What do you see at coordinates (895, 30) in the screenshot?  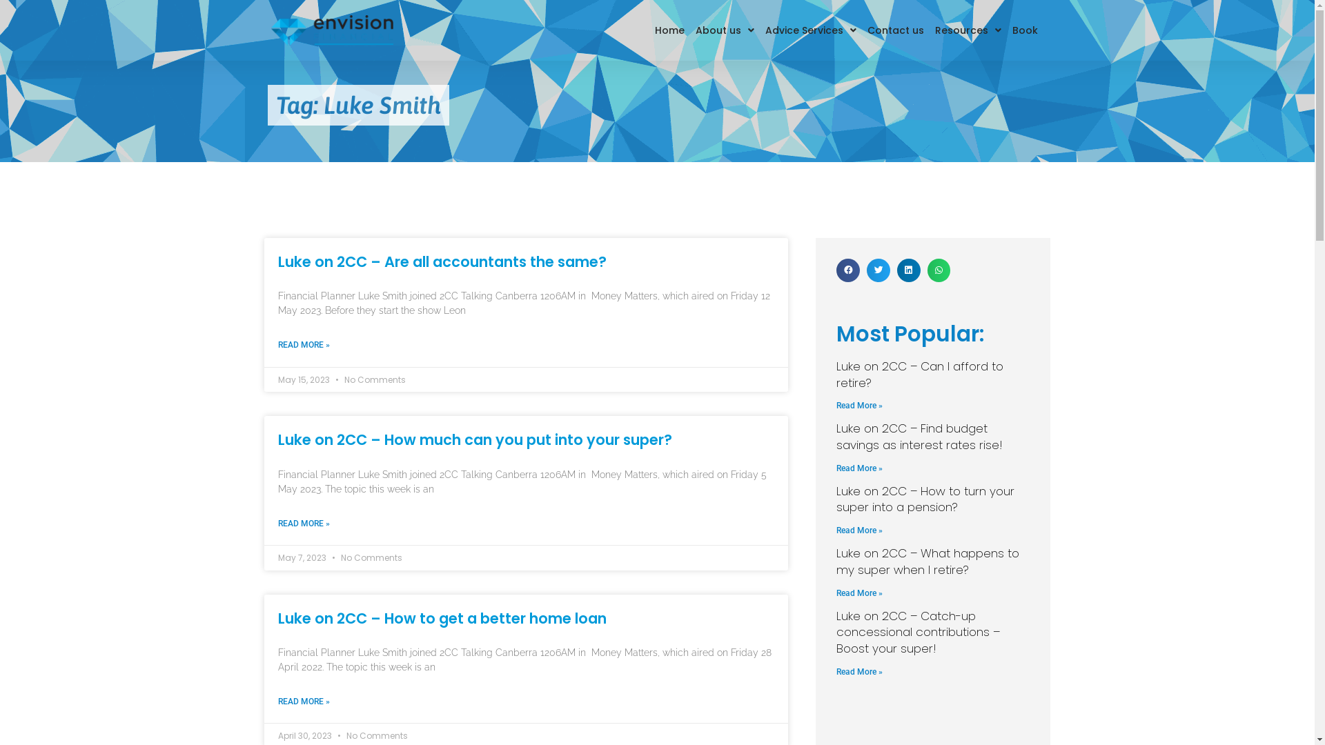 I see `'Contact us'` at bounding box center [895, 30].